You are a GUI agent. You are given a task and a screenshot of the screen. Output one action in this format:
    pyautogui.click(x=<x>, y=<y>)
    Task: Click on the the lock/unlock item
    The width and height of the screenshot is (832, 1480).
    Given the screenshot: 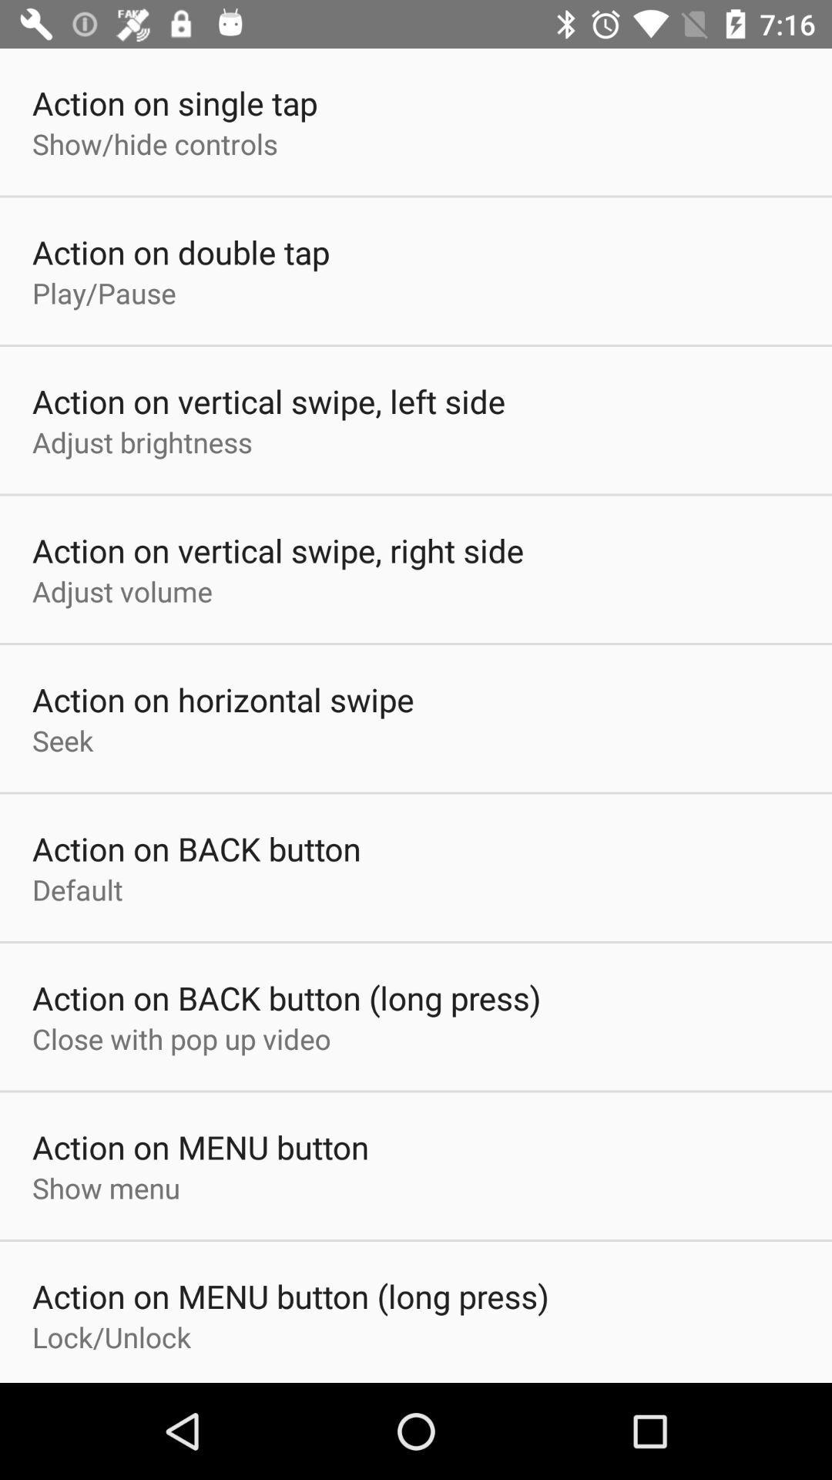 What is the action you would take?
    pyautogui.click(x=111, y=1336)
    